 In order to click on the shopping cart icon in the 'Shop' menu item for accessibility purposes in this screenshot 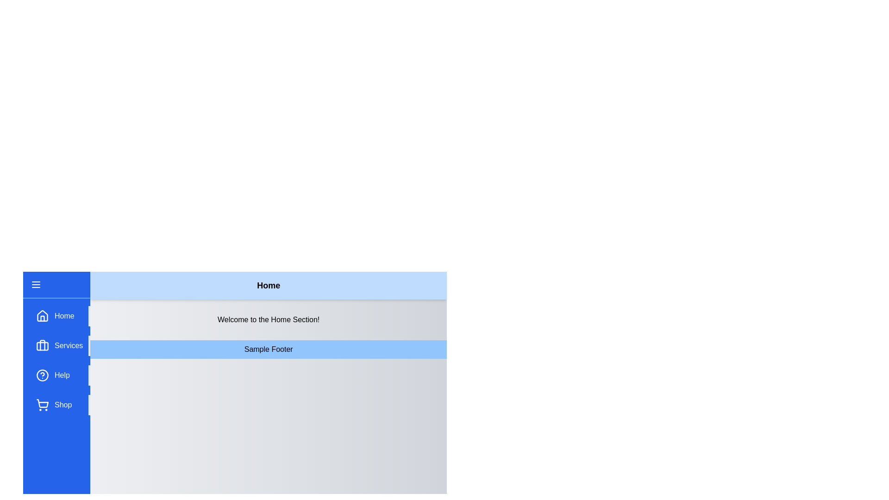, I will do `click(42, 405)`.